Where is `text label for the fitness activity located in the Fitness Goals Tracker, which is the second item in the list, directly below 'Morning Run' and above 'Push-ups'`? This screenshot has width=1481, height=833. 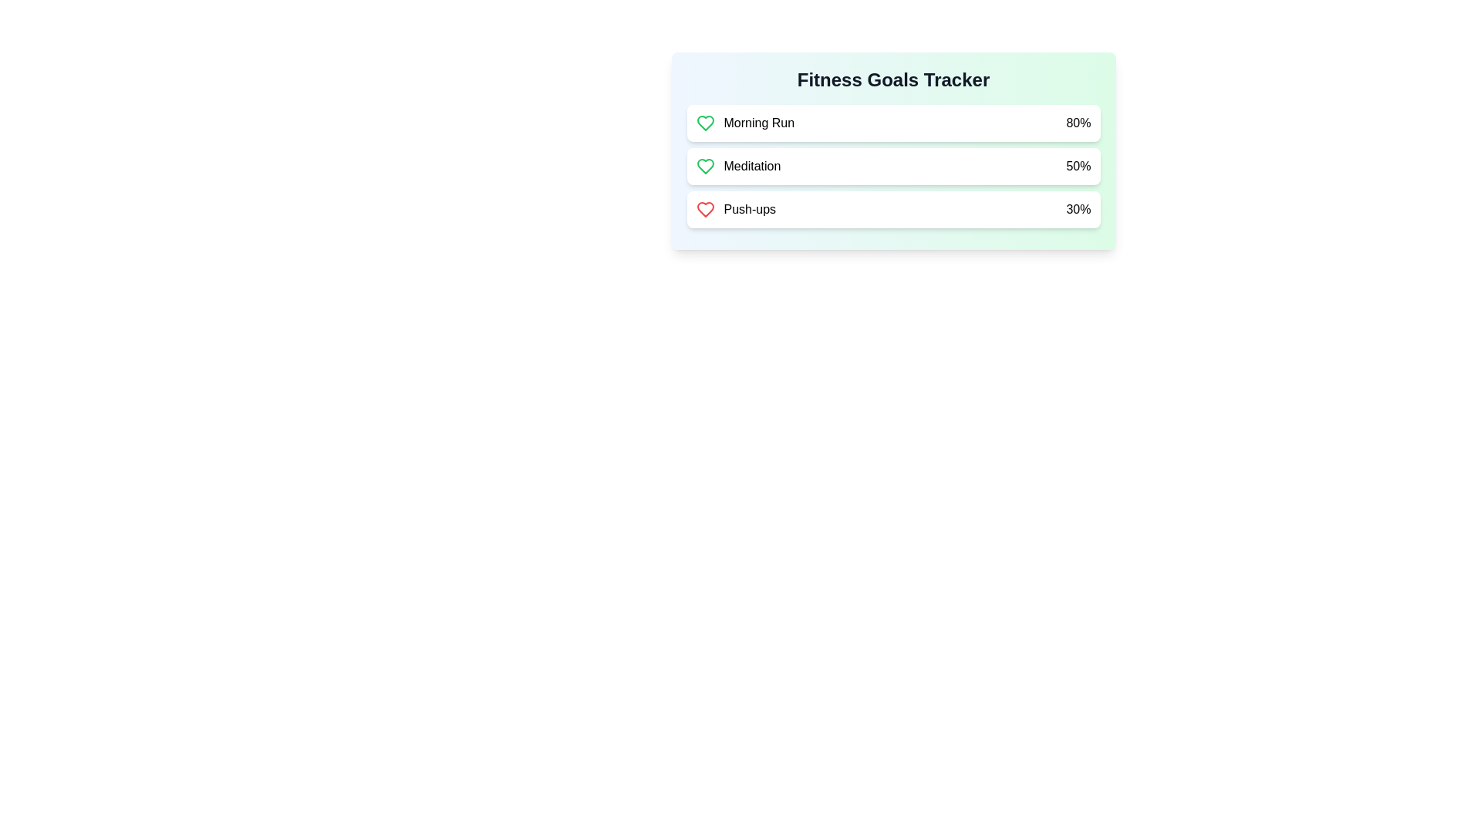 text label for the fitness activity located in the Fitness Goals Tracker, which is the second item in the list, directly below 'Morning Run' and above 'Push-ups' is located at coordinates (737, 167).